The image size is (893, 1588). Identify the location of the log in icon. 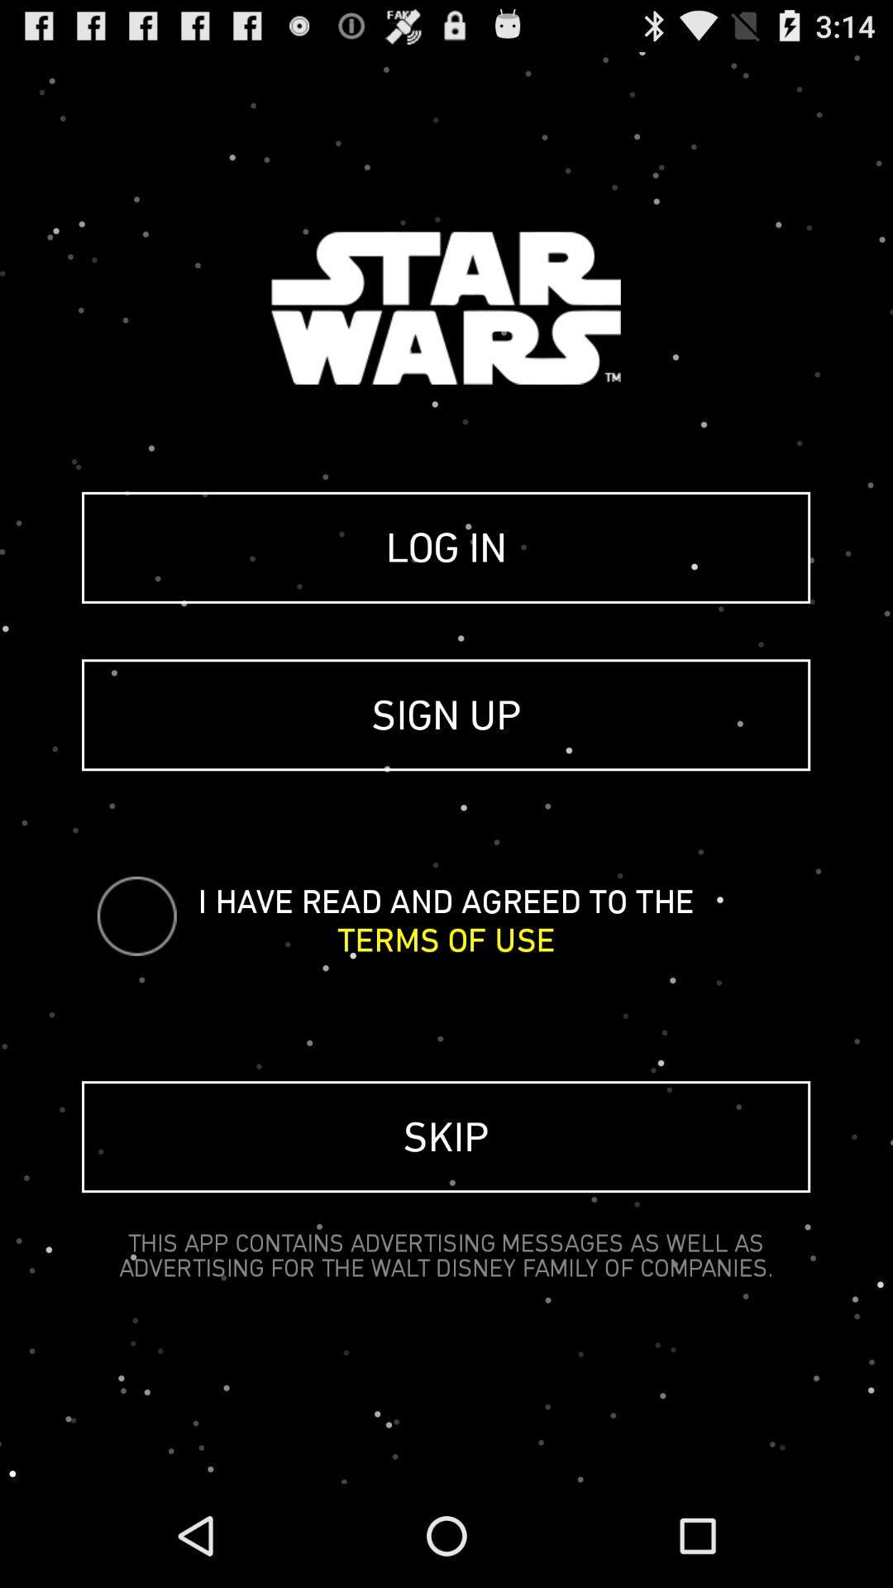
(445, 548).